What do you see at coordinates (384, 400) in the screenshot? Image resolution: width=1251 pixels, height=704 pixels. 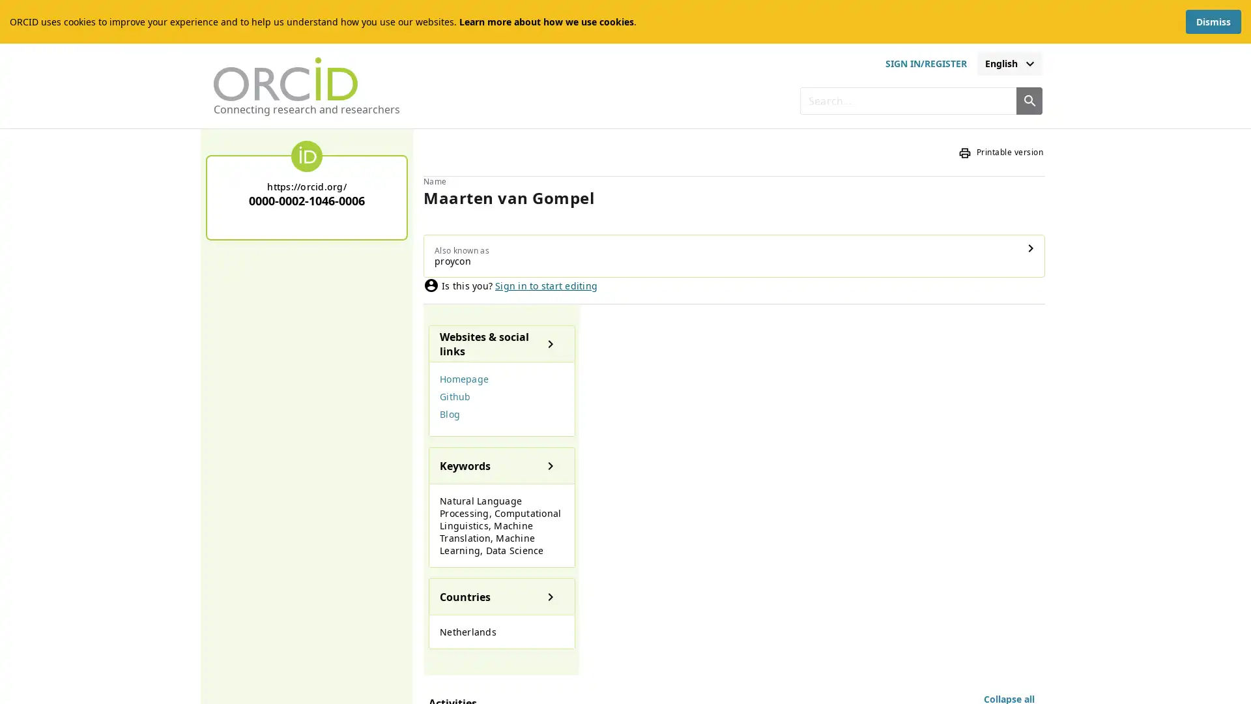 I see `Show details` at bounding box center [384, 400].